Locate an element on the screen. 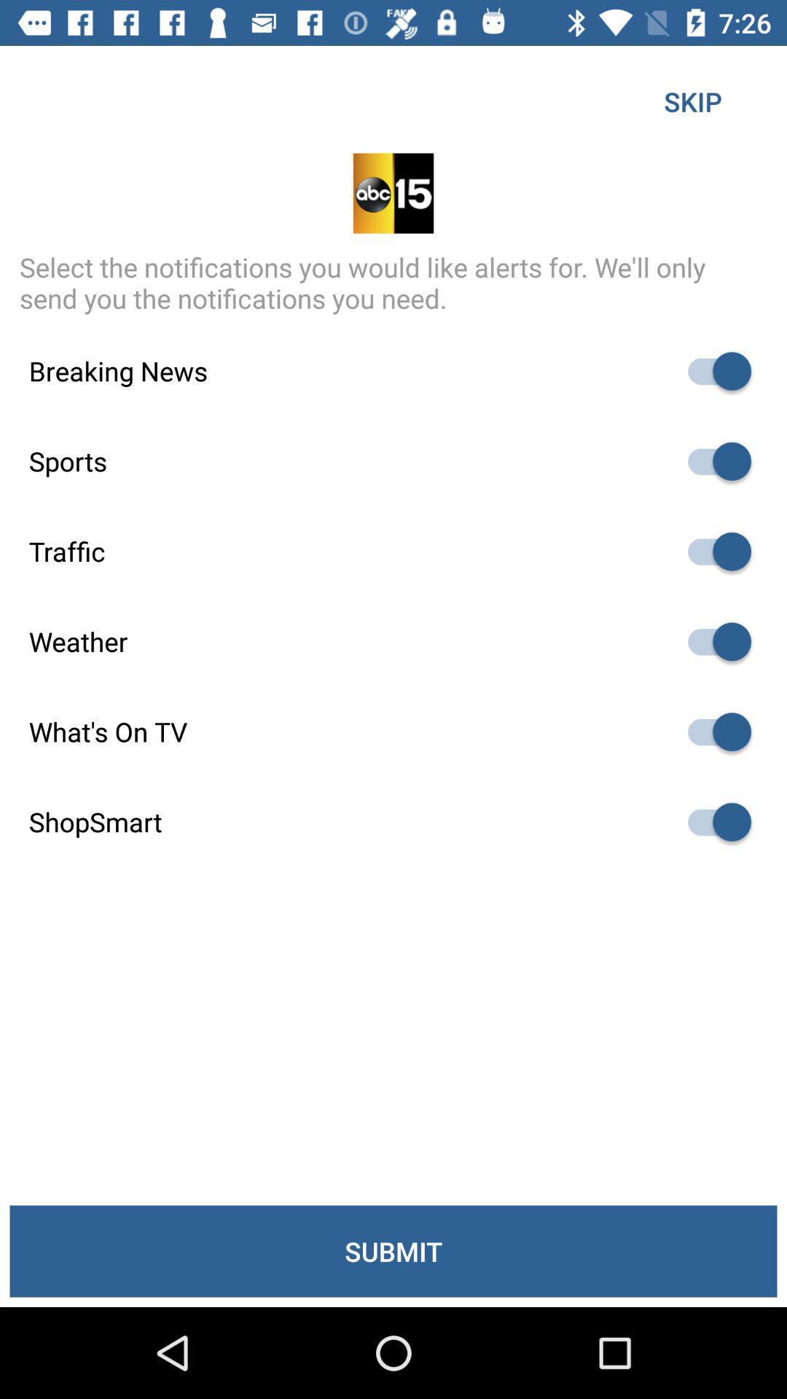 This screenshot has height=1399, width=787. breaking news is located at coordinates (712, 371).